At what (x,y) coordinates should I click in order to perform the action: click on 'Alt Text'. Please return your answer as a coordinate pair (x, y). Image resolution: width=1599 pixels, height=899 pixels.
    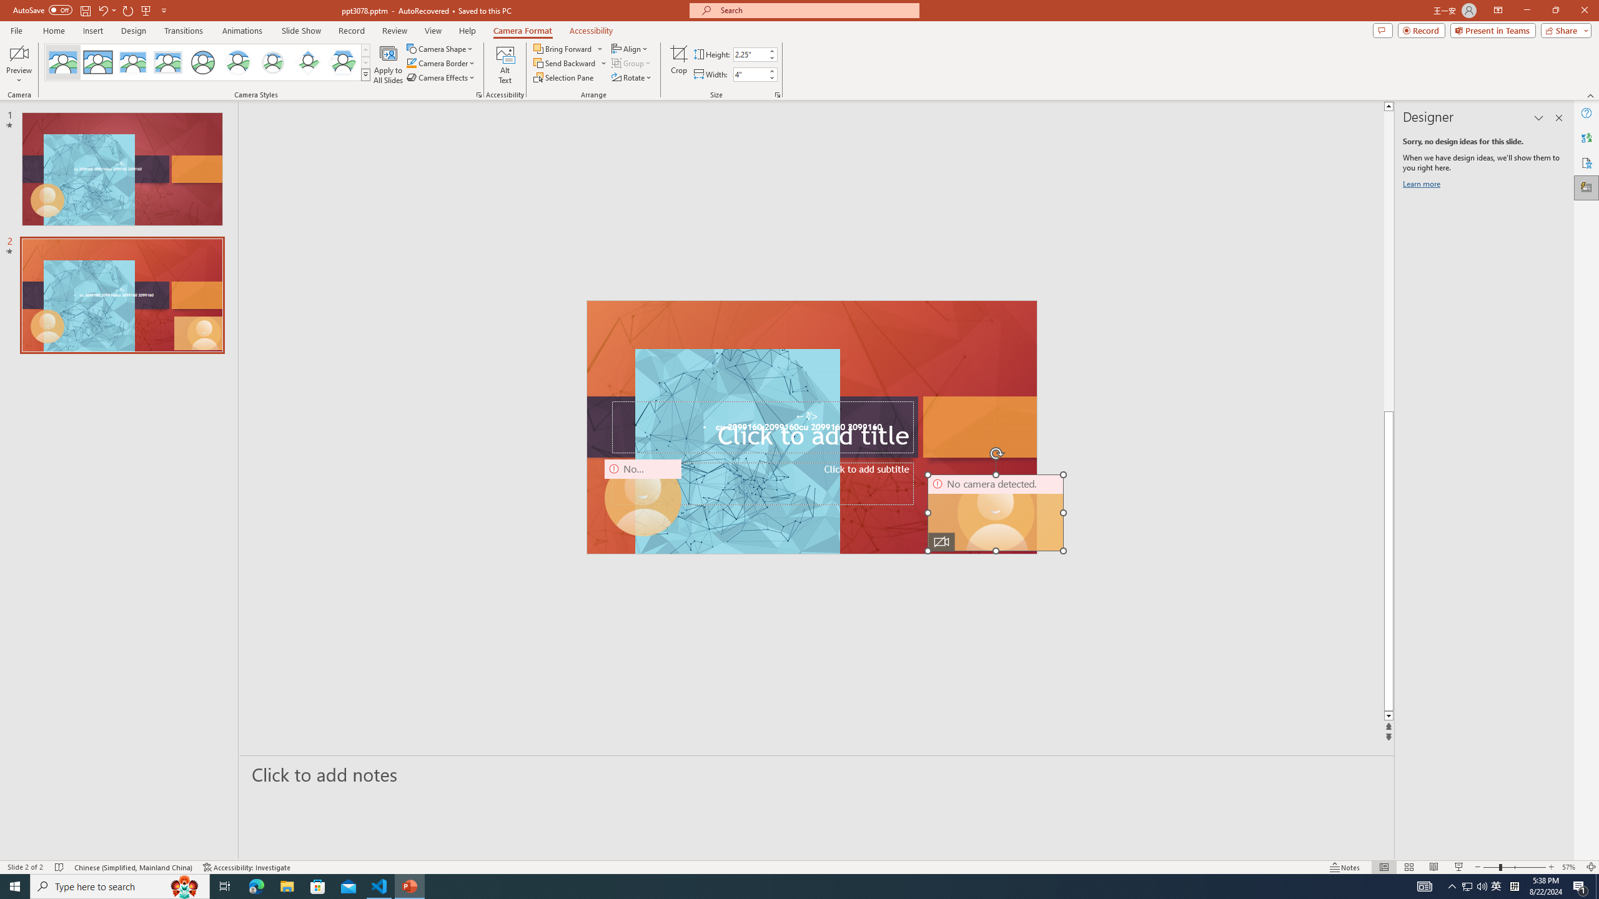
    Looking at the image, I should click on (504, 64).